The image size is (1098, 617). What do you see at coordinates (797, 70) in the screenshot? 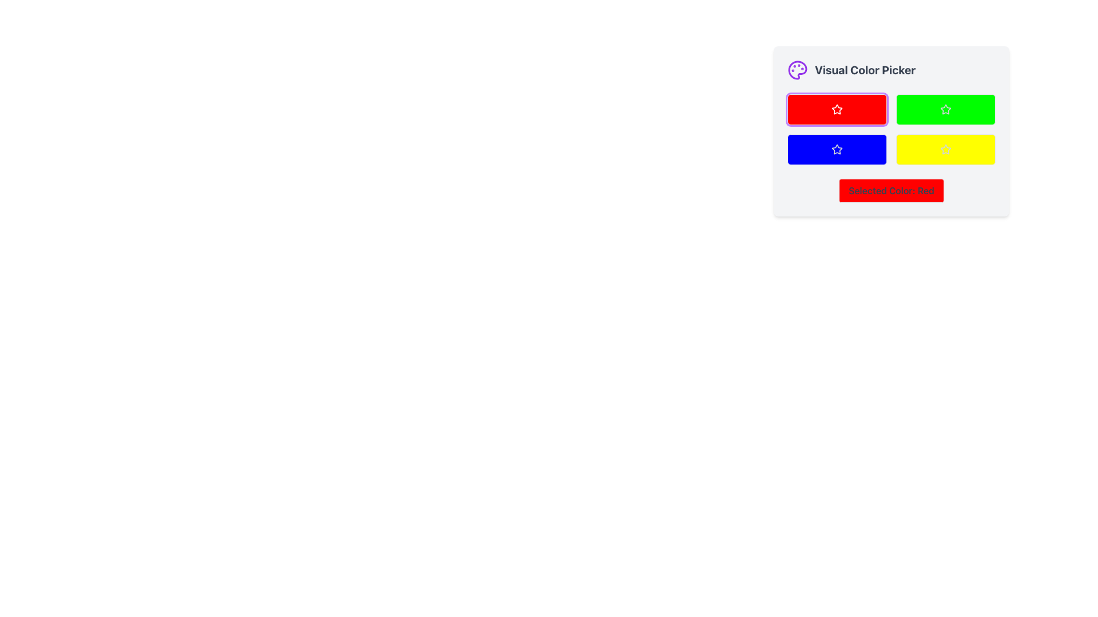
I see `main shape of the SVG icon resembling a painter's palette, filled with purple color, located at the upper left corner of the Visual Color Picker section` at bounding box center [797, 70].